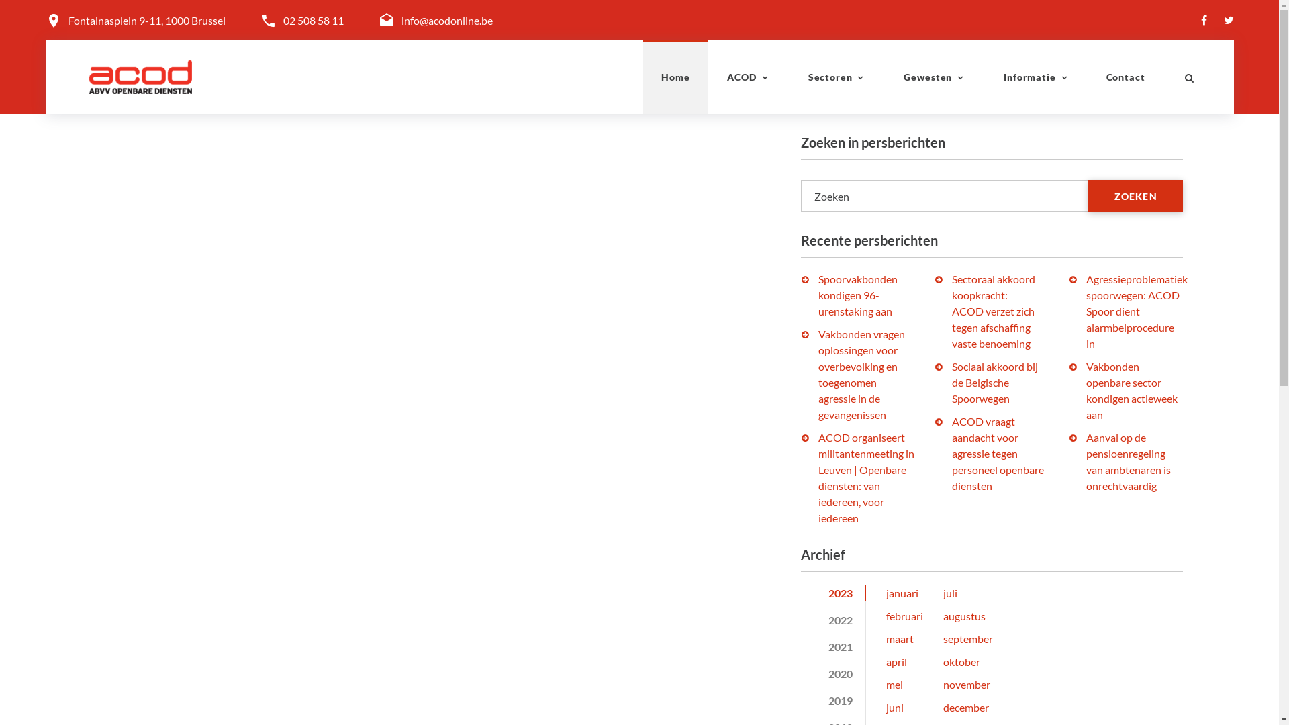 The width and height of the screenshot is (1289, 725). Describe the element at coordinates (312, 20) in the screenshot. I see `'02 508 58 11'` at that location.